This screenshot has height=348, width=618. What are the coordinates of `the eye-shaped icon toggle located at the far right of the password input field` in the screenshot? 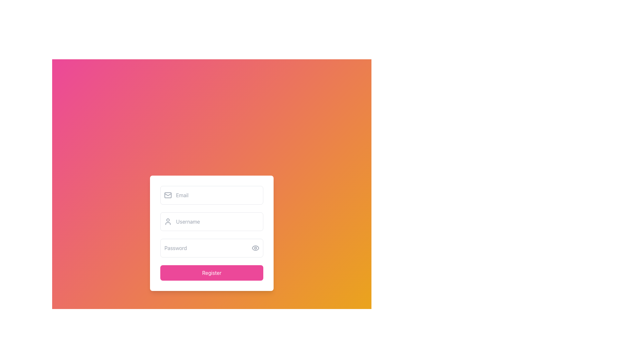 It's located at (255, 248).